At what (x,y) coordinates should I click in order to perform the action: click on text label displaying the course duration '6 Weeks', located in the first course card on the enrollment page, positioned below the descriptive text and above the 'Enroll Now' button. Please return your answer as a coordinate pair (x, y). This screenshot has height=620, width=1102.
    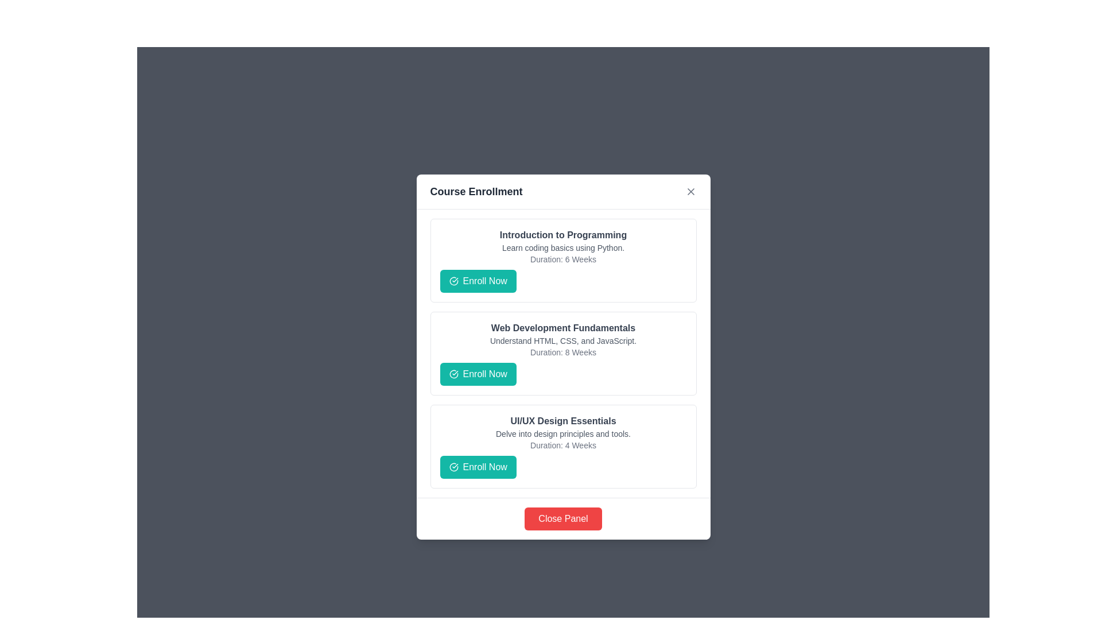
    Looking at the image, I should click on (563, 259).